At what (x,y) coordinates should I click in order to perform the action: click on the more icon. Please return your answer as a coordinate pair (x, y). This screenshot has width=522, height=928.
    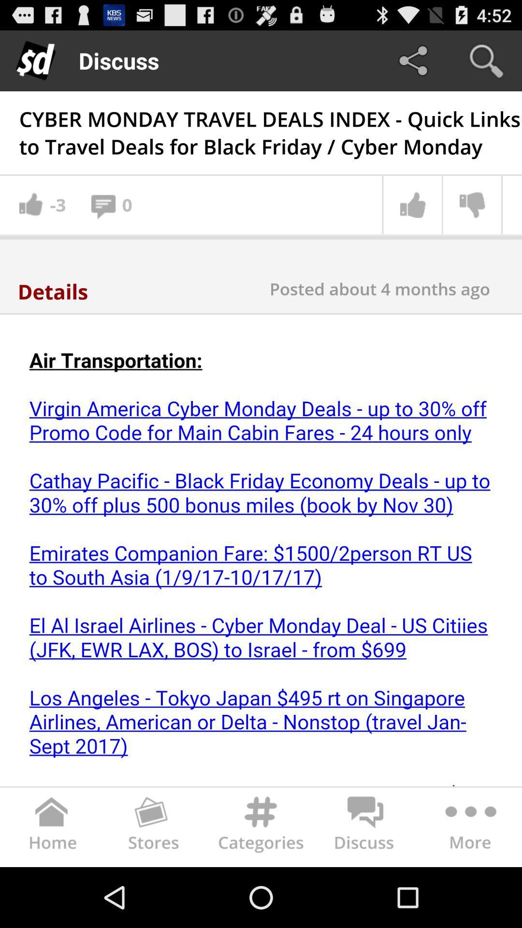
    Looking at the image, I should click on (469, 887).